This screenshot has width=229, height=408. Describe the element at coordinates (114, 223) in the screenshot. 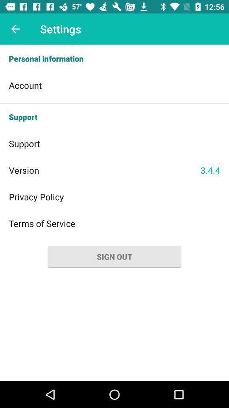

I see `the icon above sign out item` at that location.